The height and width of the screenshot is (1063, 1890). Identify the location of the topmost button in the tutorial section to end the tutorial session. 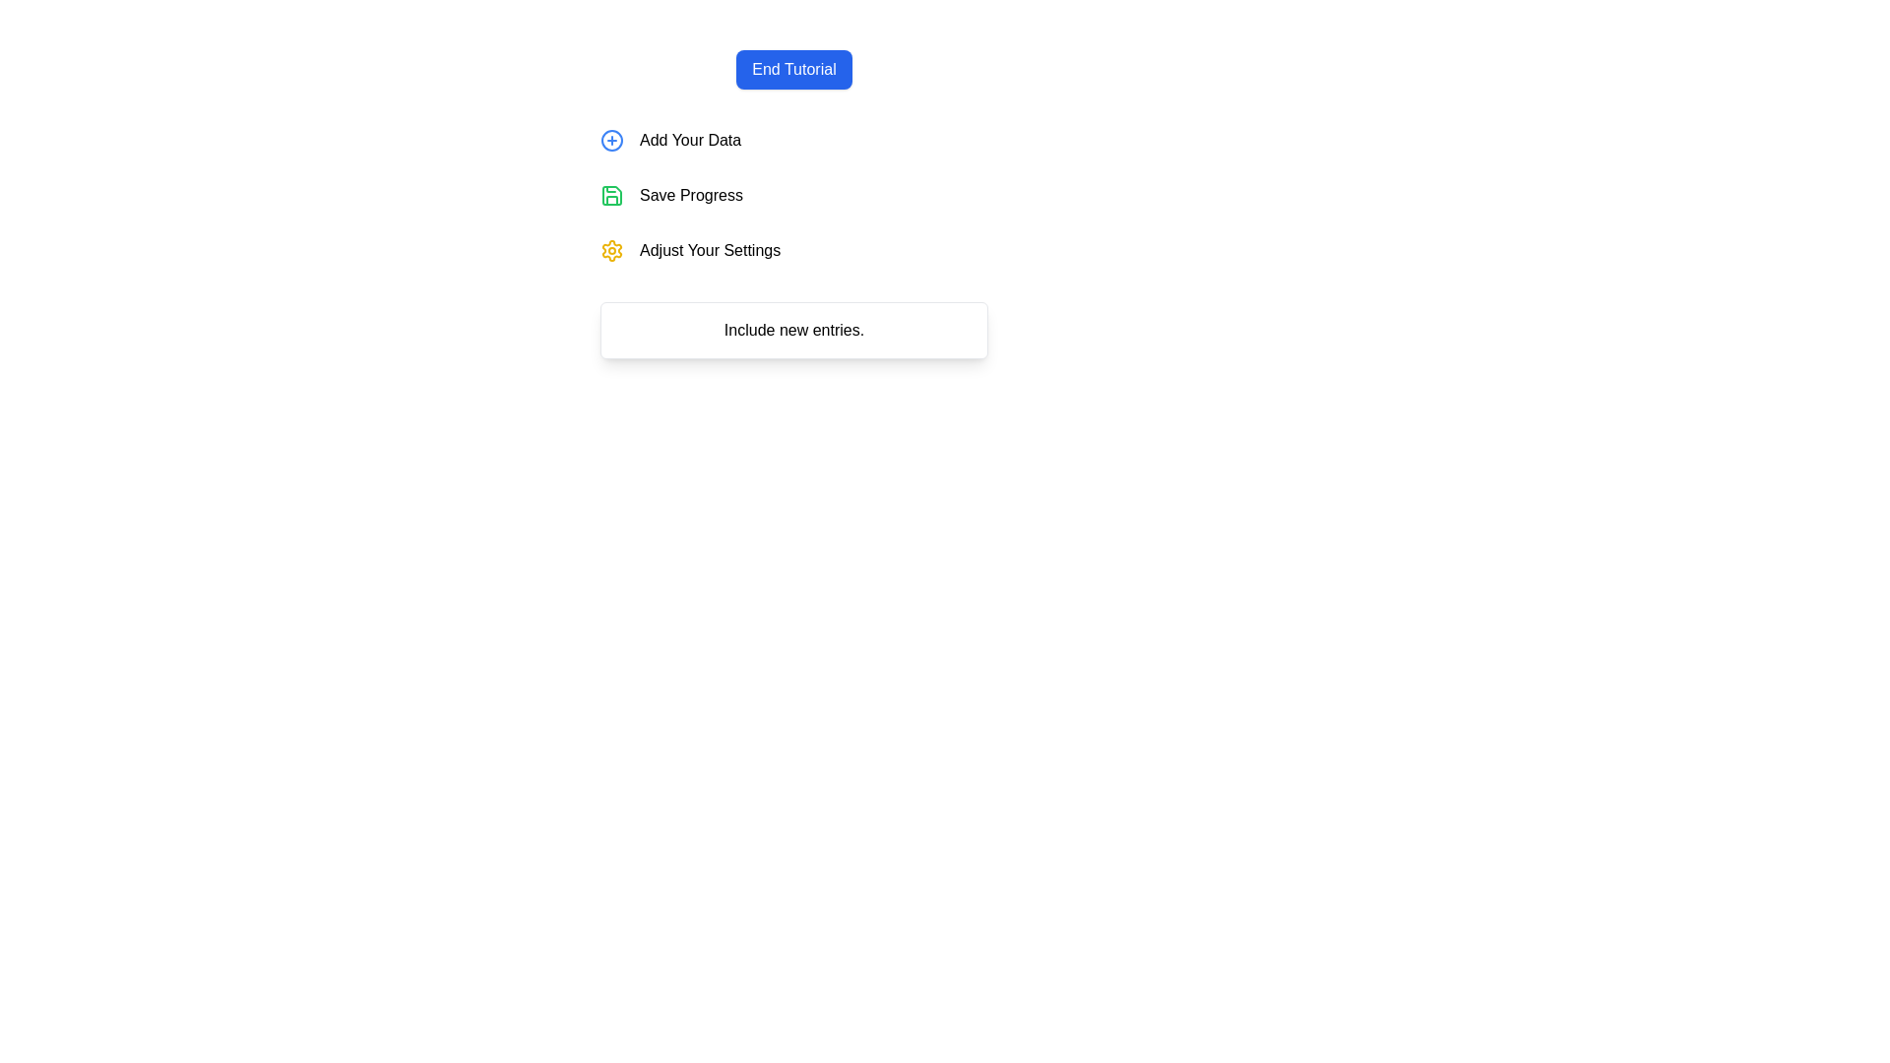
(793, 68).